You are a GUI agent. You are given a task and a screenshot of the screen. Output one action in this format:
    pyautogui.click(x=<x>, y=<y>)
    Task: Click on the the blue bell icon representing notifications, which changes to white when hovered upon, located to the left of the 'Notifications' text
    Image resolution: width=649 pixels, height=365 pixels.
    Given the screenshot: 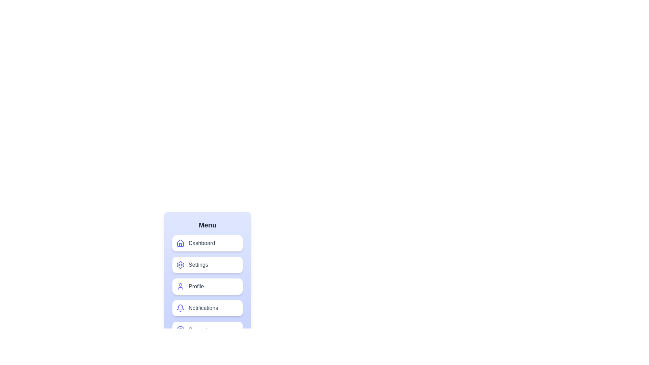 What is the action you would take?
    pyautogui.click(x=180, y=308)
    